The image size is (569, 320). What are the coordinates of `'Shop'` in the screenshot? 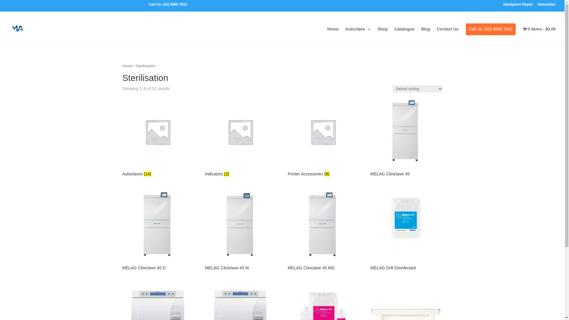 It's located at (383, 34).